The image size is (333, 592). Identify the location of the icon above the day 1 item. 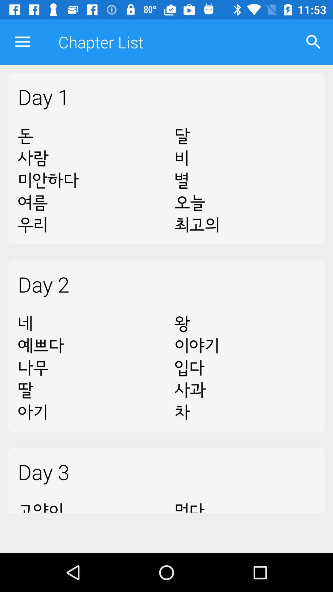
(314, 42).